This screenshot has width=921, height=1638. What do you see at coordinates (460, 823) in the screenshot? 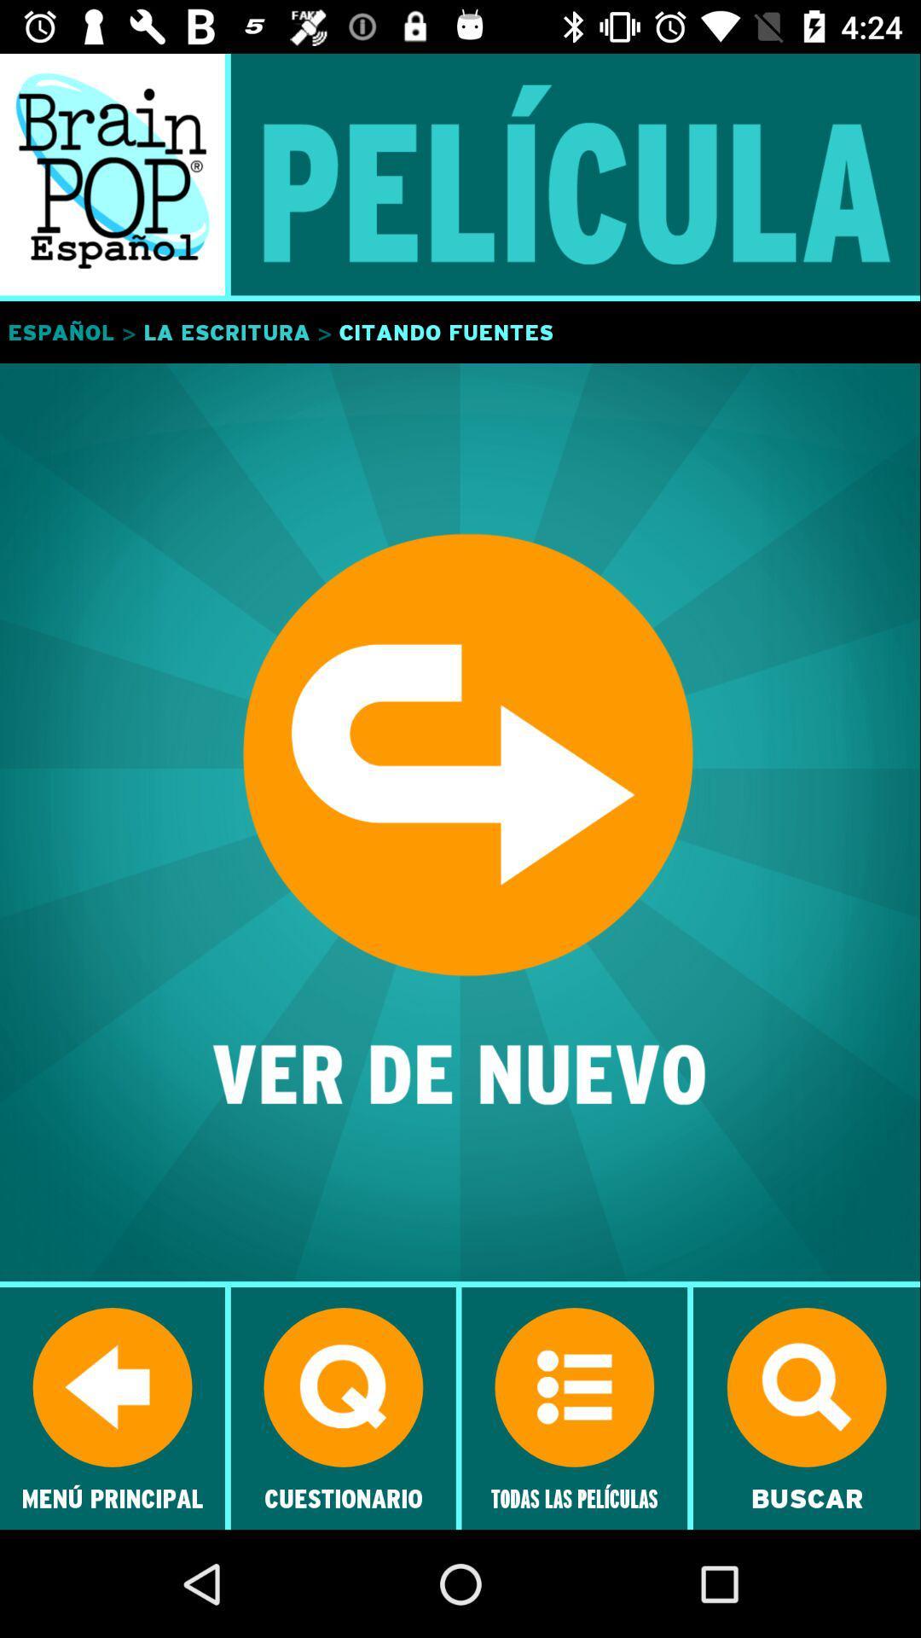
I see `watch again option` at bounding box center [460, 823].